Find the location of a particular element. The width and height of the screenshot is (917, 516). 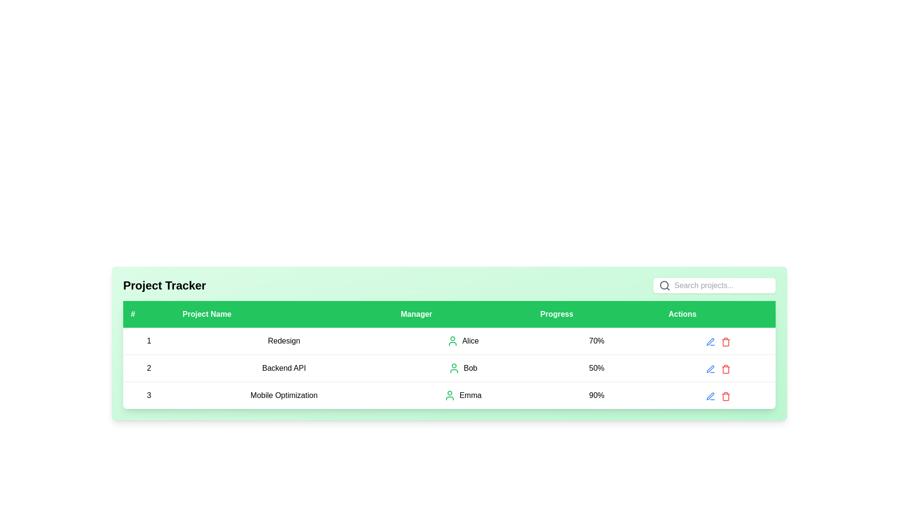

text displayed in the Text Label with an Icon indicating the manager of the 'Mobile Optimization' project, which is 'Emma' is located at coordinates (463, 396).